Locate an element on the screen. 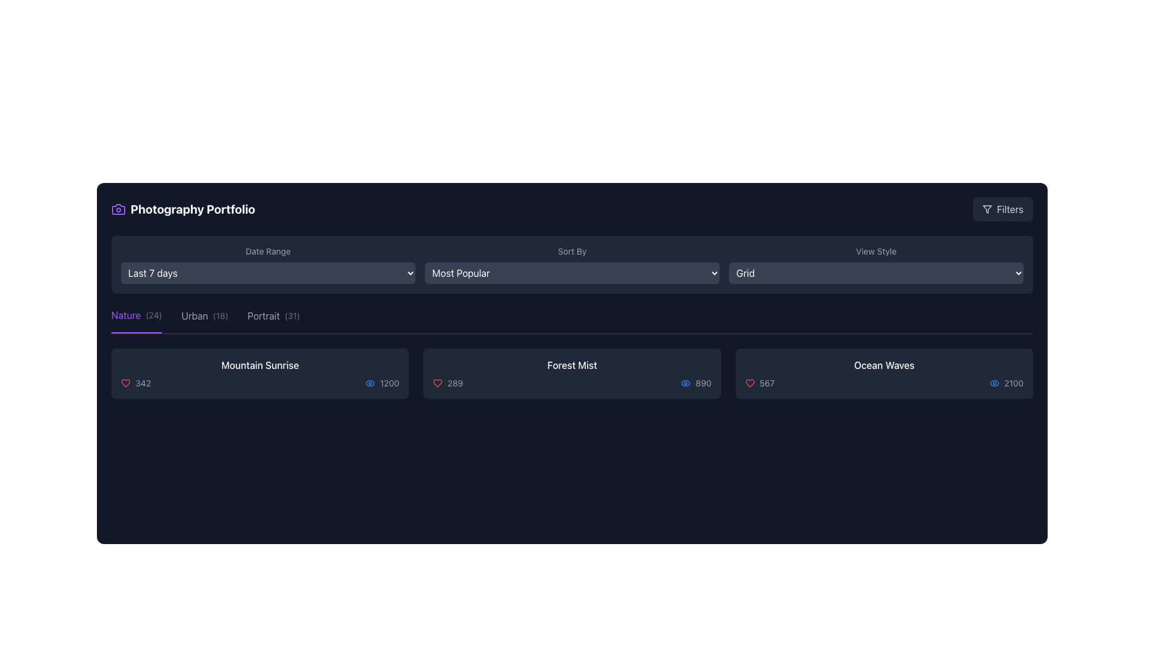 This screenshot has width=1156, height=650. the Text label indicating the number of items in the 'Nature' category, located adjacent to the 'Nature' text and above the separator line is located at coordinates (153, 315).